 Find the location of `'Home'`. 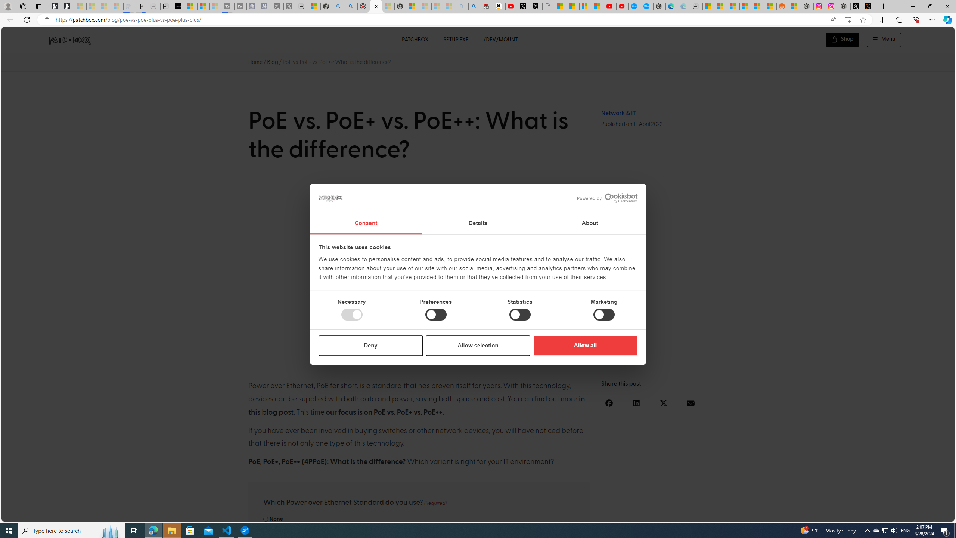

'Home' is located at coordinates (255, 62).